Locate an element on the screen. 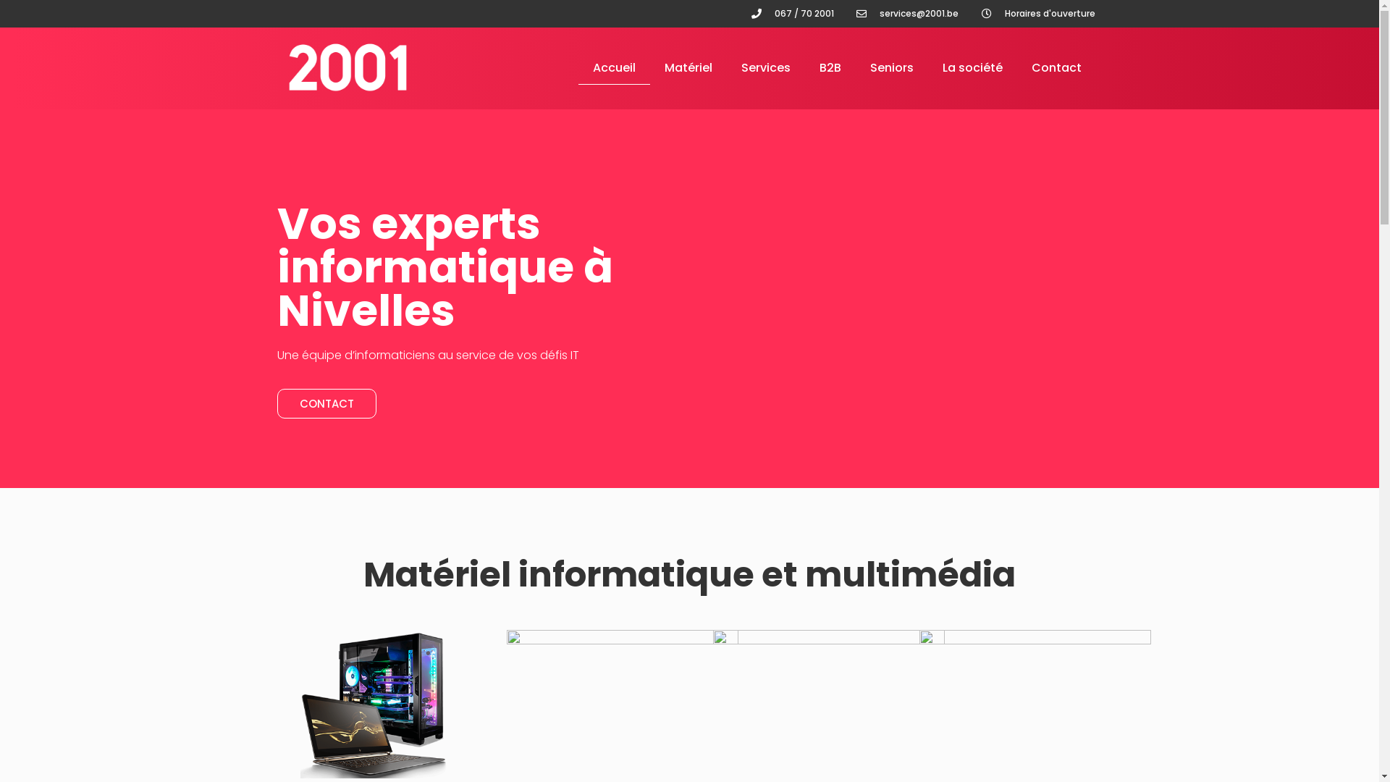  'Services' is located at coordinates (764, 67).